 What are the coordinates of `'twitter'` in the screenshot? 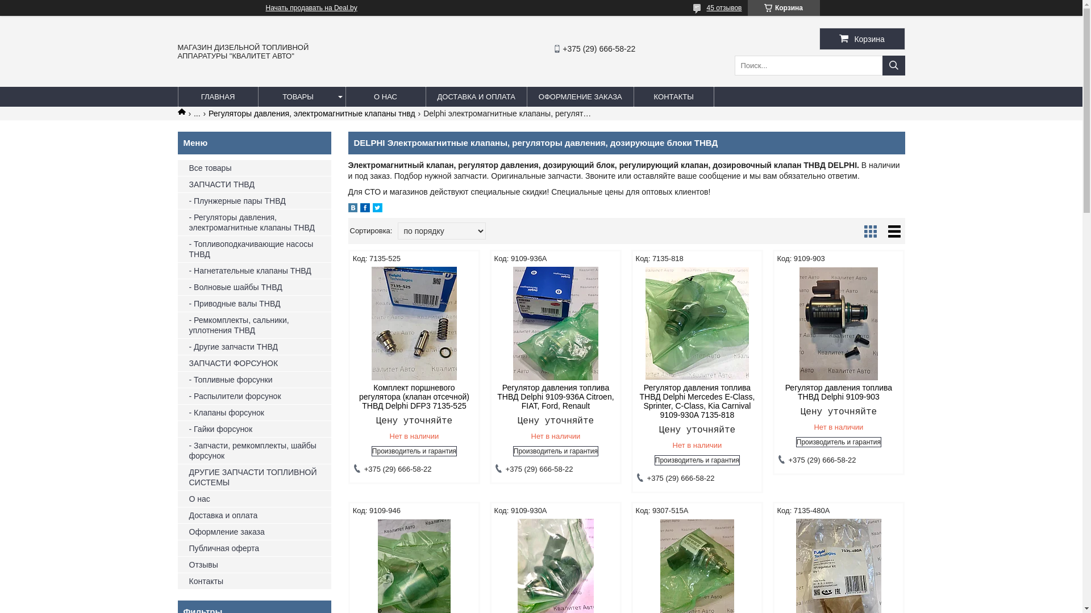 It's located at (377, 209).